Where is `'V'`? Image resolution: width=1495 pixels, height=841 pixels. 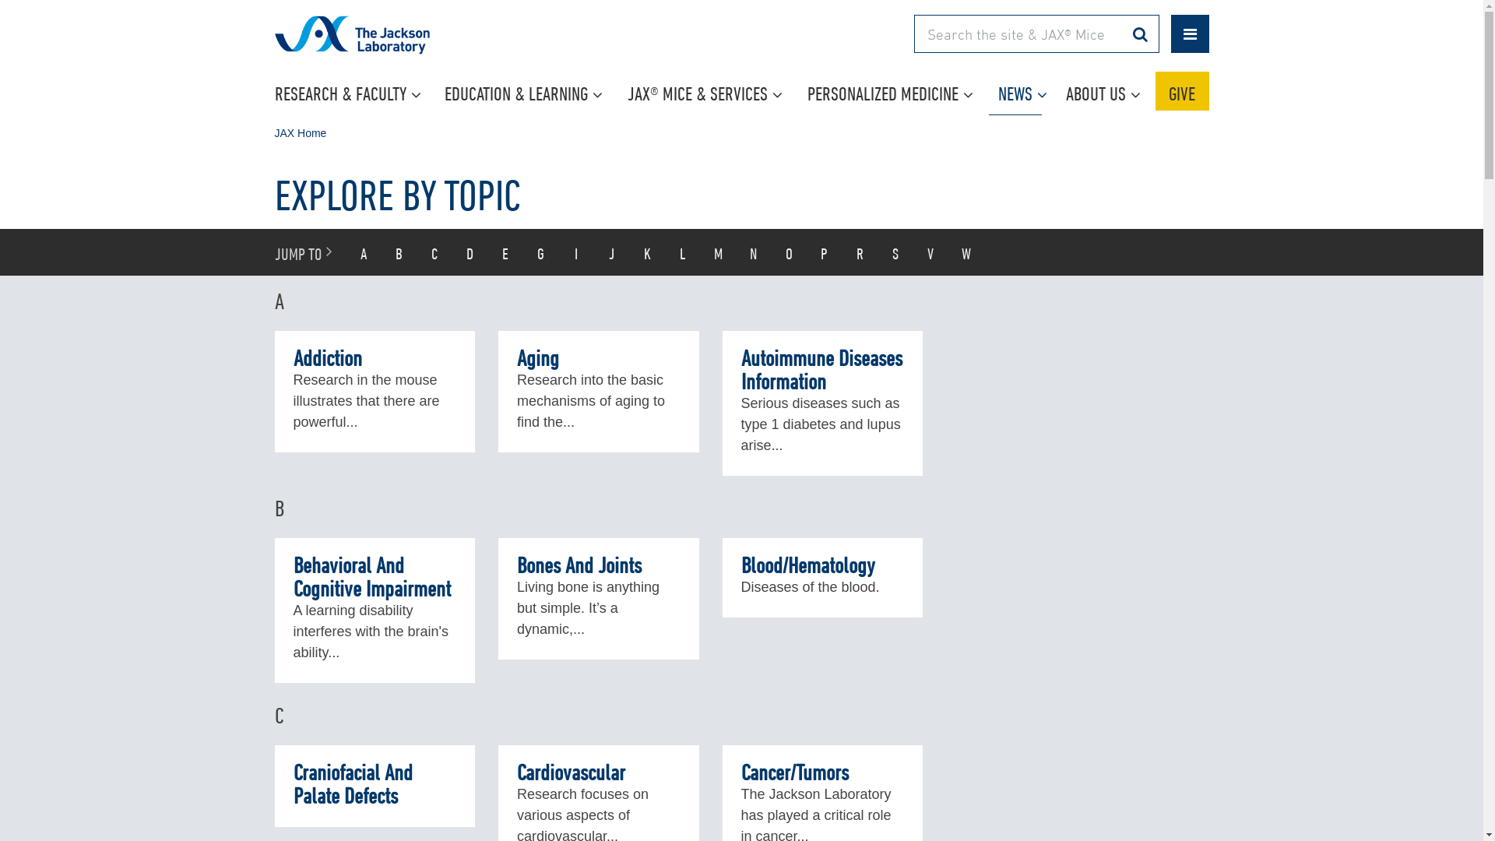 'V' is located at coordinates (930, 252).